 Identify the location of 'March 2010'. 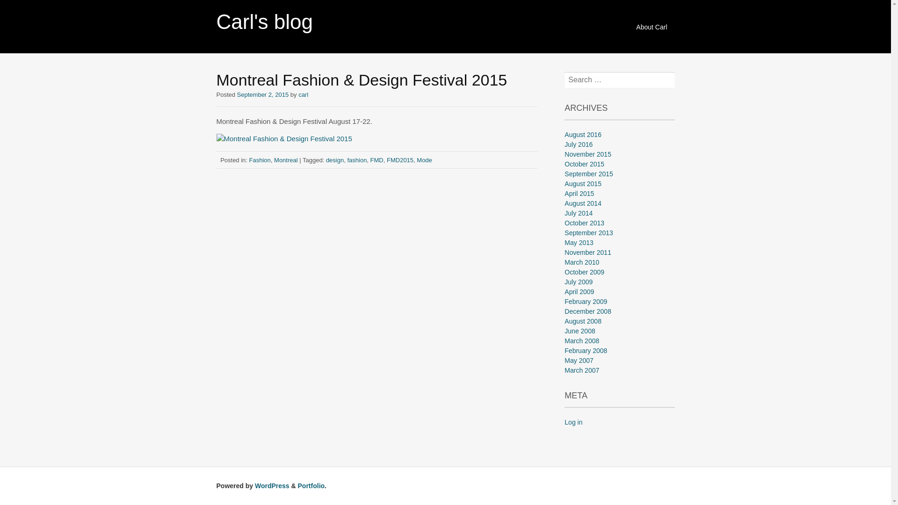
(581, 262).